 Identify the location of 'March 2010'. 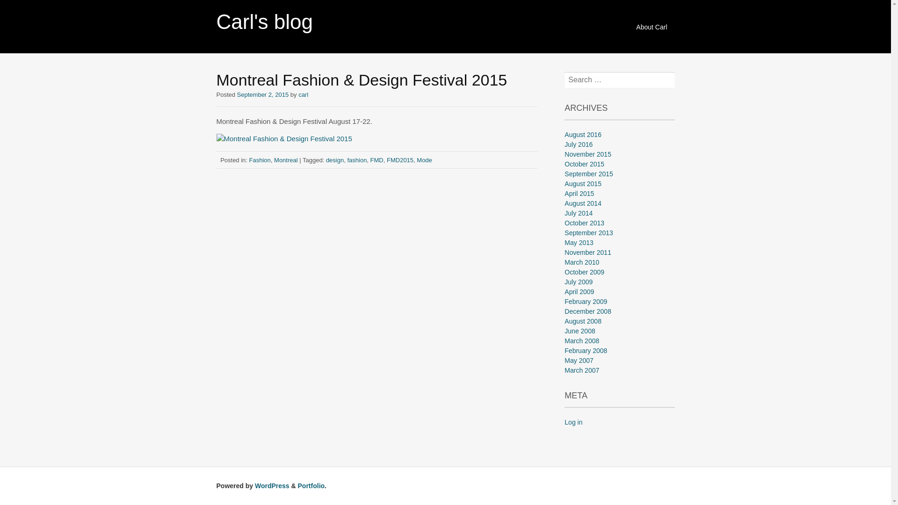
(581, 262).